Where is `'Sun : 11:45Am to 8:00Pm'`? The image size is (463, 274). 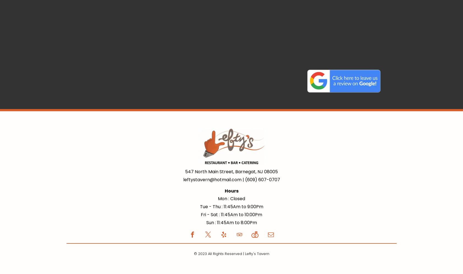
'Sun : 11:45Am to 8:00Pm' is located at coordinates (231, 222).